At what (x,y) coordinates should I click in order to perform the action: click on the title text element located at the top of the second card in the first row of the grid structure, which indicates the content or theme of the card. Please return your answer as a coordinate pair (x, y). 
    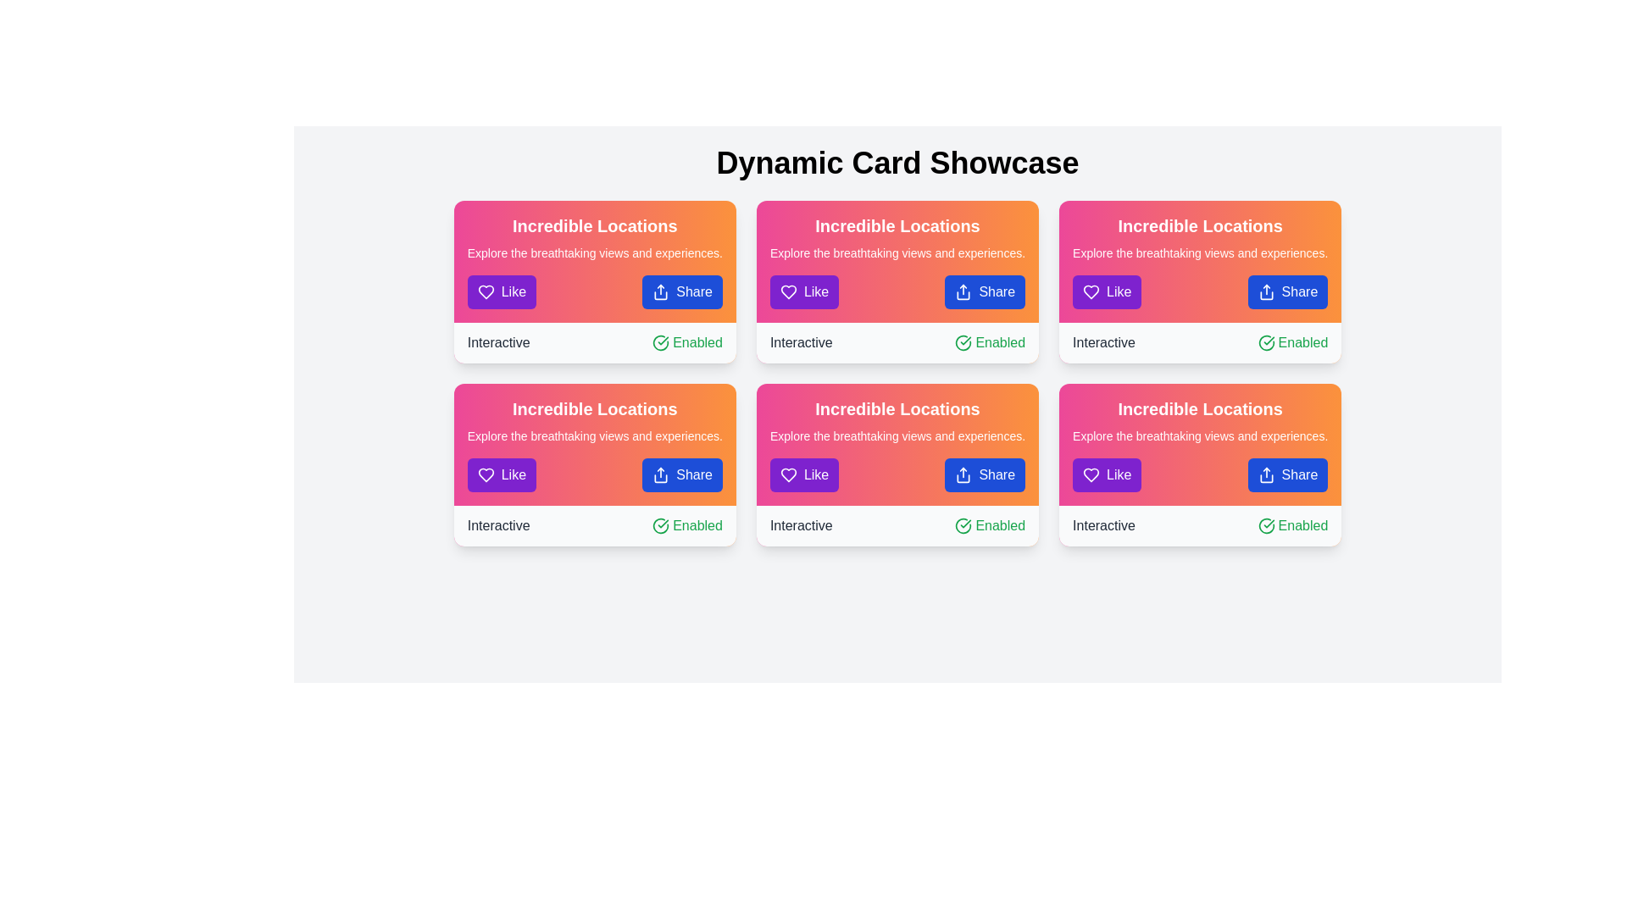
    Looking at the image, I should click on (1199, 408).